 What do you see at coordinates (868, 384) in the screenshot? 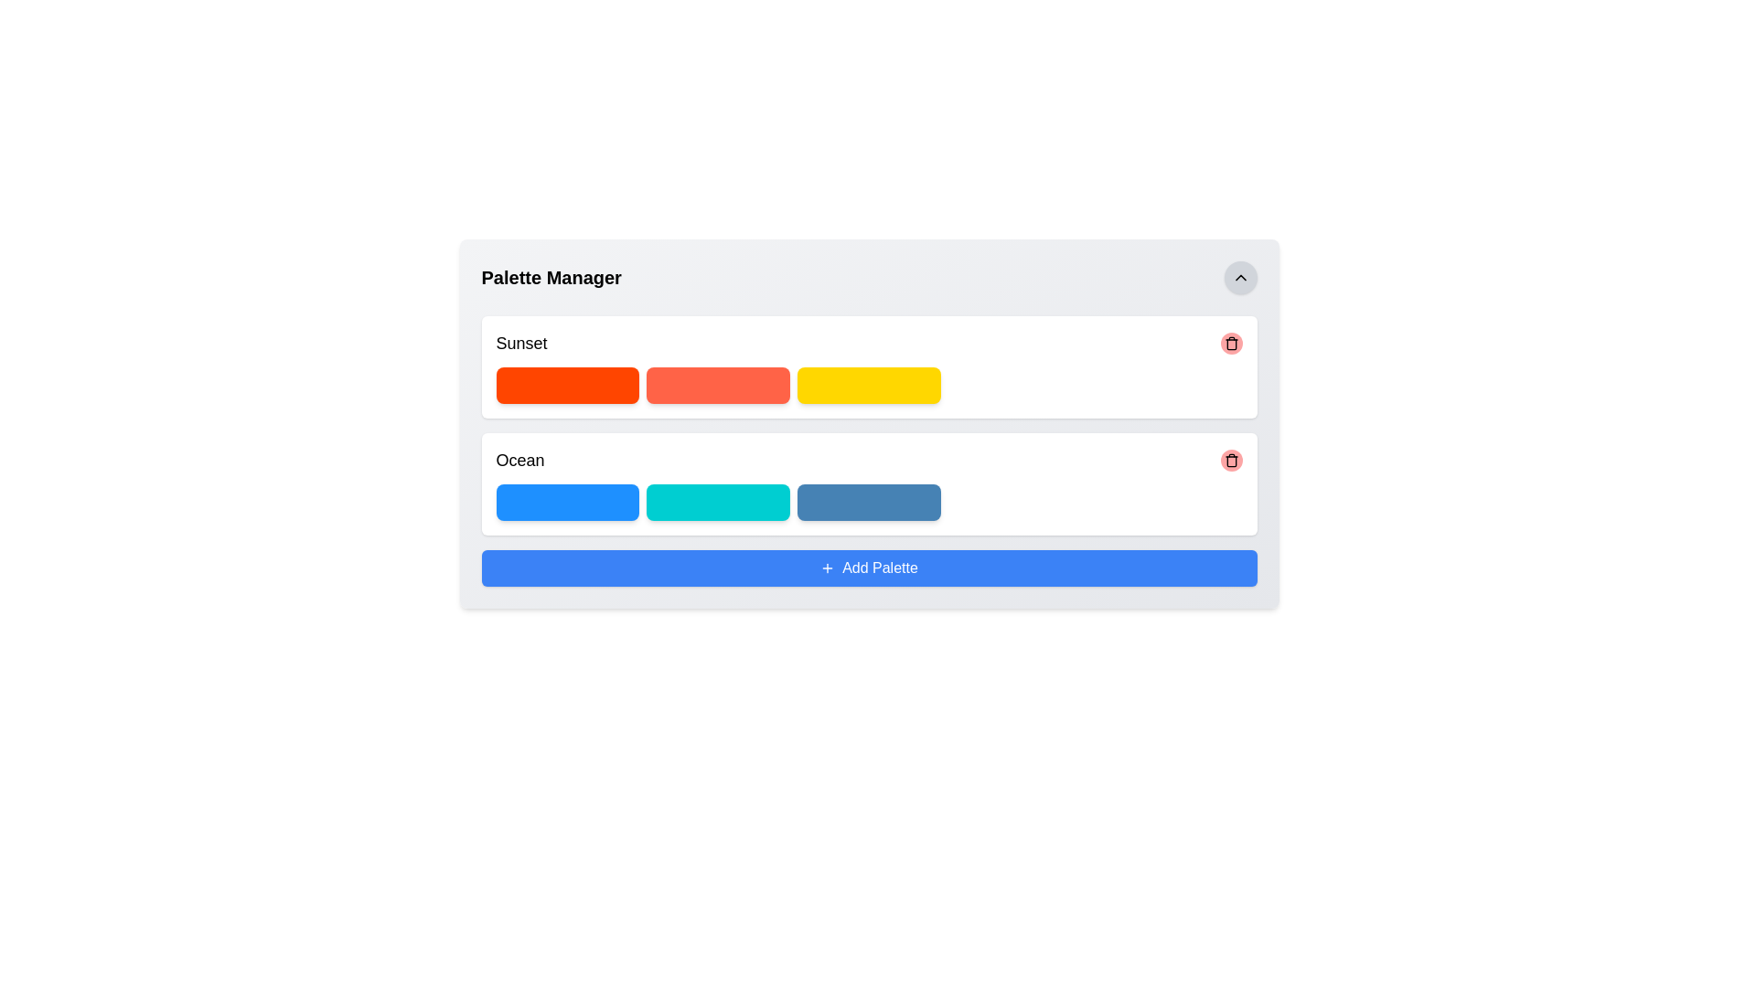
I see `the colored button representing a color or palette option within the 'Sunset' category, which is the third element in its row, located in the upper section of the palette manager interface` at bounding box center [868, 384].